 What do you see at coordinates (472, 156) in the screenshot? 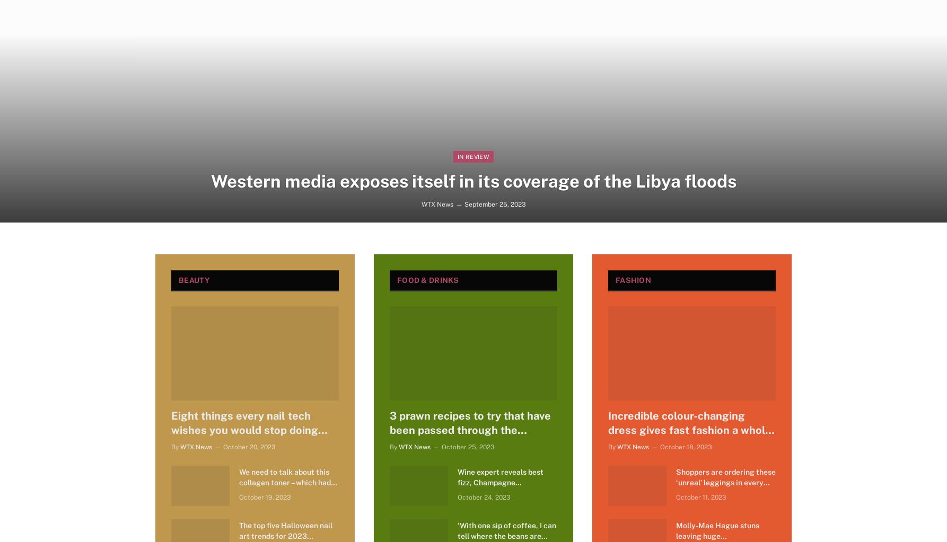
I see `'In Review'` at bounding box center [472, 156].